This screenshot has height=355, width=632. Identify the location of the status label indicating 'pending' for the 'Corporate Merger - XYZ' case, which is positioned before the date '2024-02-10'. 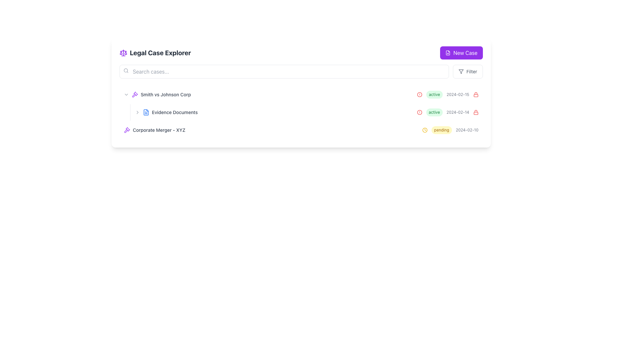
(441, 130).